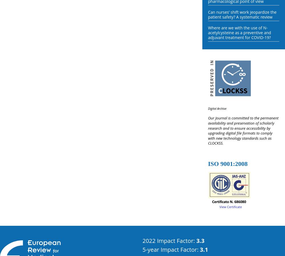 The image size is (285, 256). What do you see at coordinates (239, 32) in the screenshot?
I see `'Where are we with the use of N-acetylcysteine as a preventive and adjuvant treatment for COVID-19?'` at bounding box center [239, 32].